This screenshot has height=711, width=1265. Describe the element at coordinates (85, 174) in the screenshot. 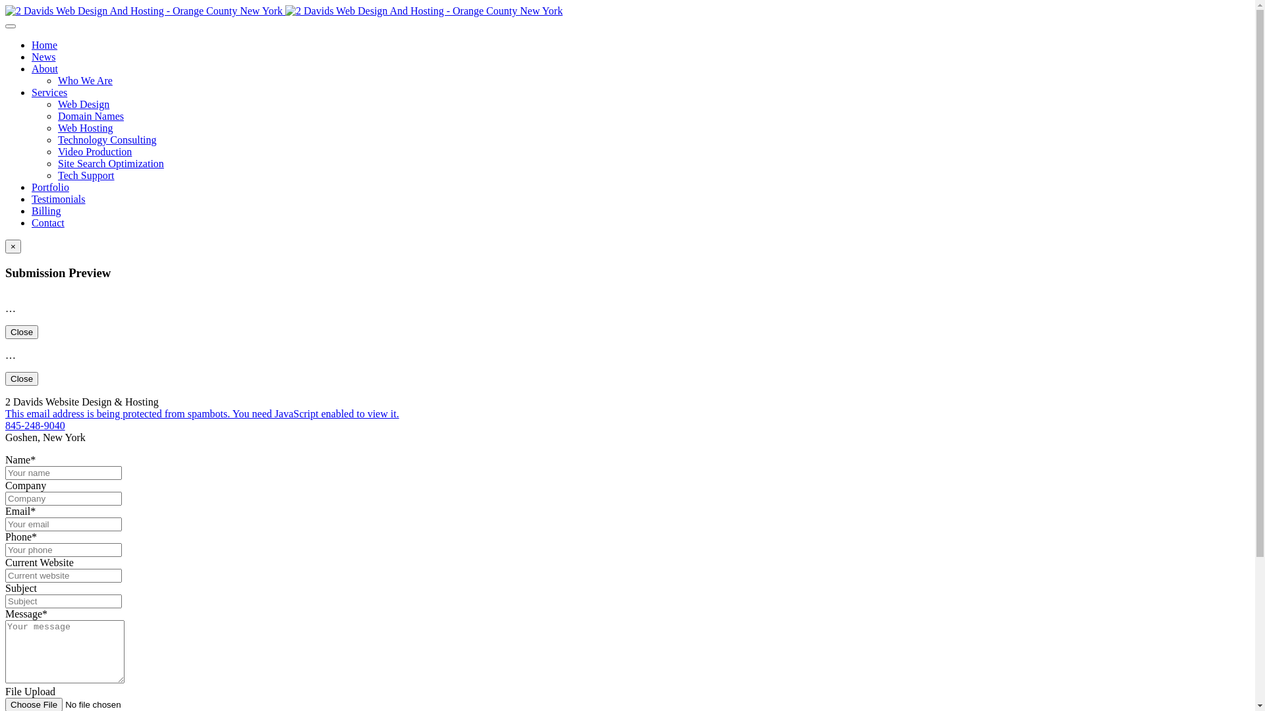

I see `'Tech Support'` at that location.